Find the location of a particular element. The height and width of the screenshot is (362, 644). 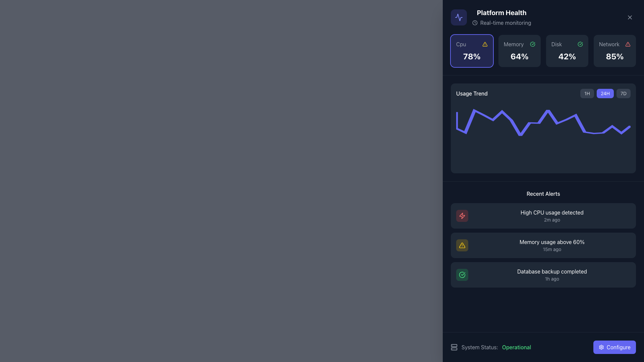

the header section titled 'Platform Health' with the subtitle 'Real-time monitoring' for details is located at coordinates (491, 17).